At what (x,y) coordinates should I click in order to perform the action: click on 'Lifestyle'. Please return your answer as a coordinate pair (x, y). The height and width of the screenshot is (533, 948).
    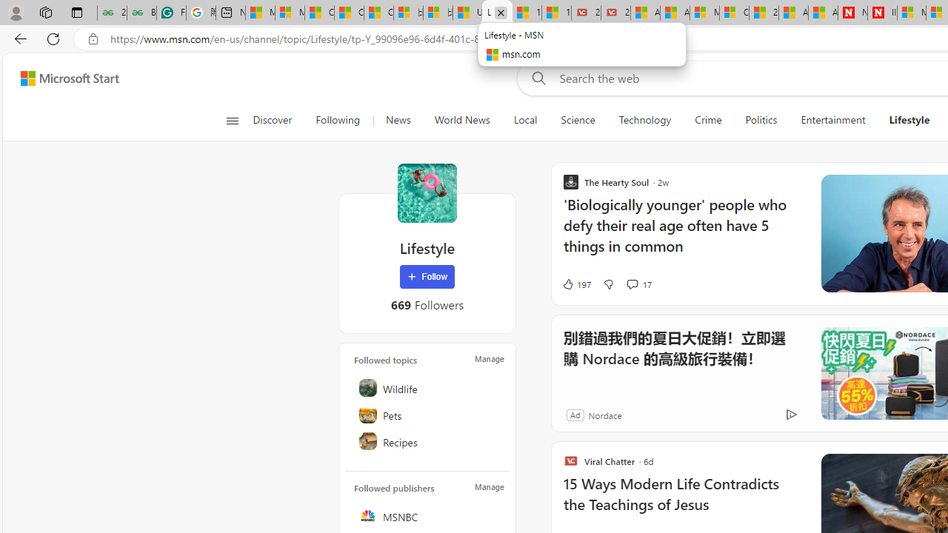
    Looking at the image, I should click on (427, 192).